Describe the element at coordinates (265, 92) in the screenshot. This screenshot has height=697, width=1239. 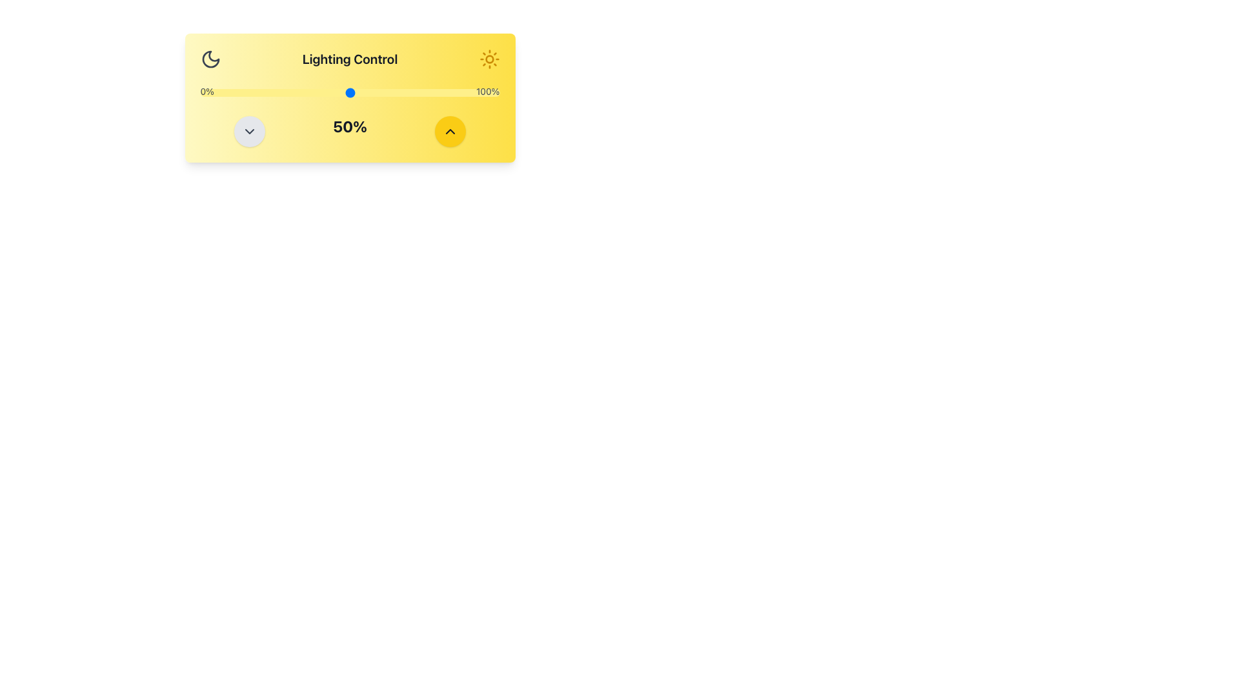
I see `the slider` at that location.